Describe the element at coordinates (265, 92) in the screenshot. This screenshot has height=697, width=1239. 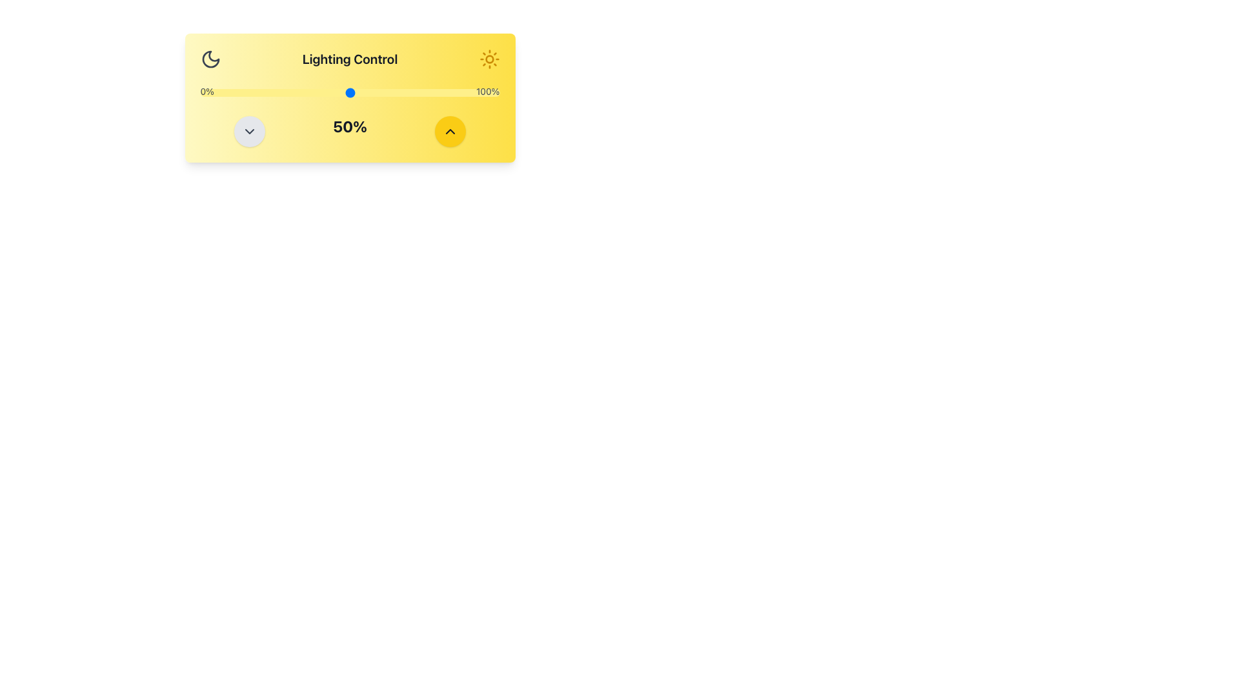
I see `the slider` at that location.